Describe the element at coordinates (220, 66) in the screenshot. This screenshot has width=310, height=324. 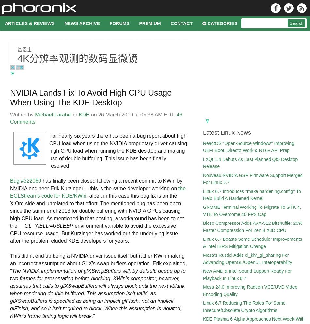
I see `'Graphics Cards'` at that location.